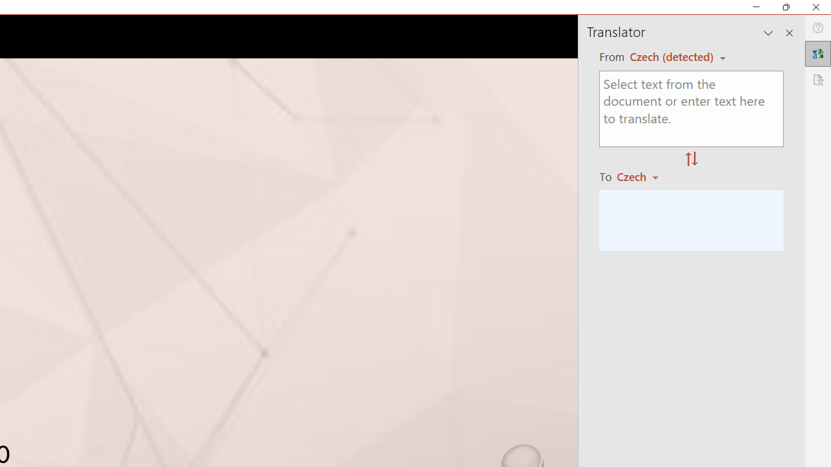  What do you see at coordinates (643, 176) in the screenshot?
I see `'Czech'` at bounding box center [643, 176].